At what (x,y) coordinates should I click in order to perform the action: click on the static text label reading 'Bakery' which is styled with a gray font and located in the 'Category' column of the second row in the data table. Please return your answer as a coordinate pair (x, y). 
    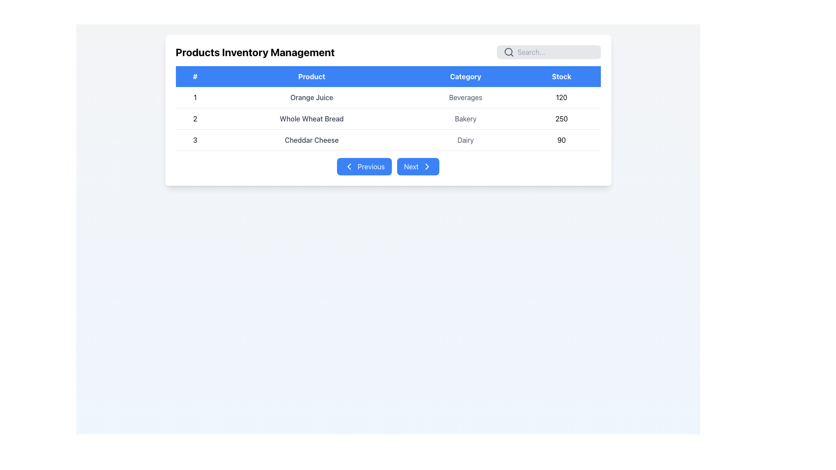
    Looking at the image, I should click on (465, 119).